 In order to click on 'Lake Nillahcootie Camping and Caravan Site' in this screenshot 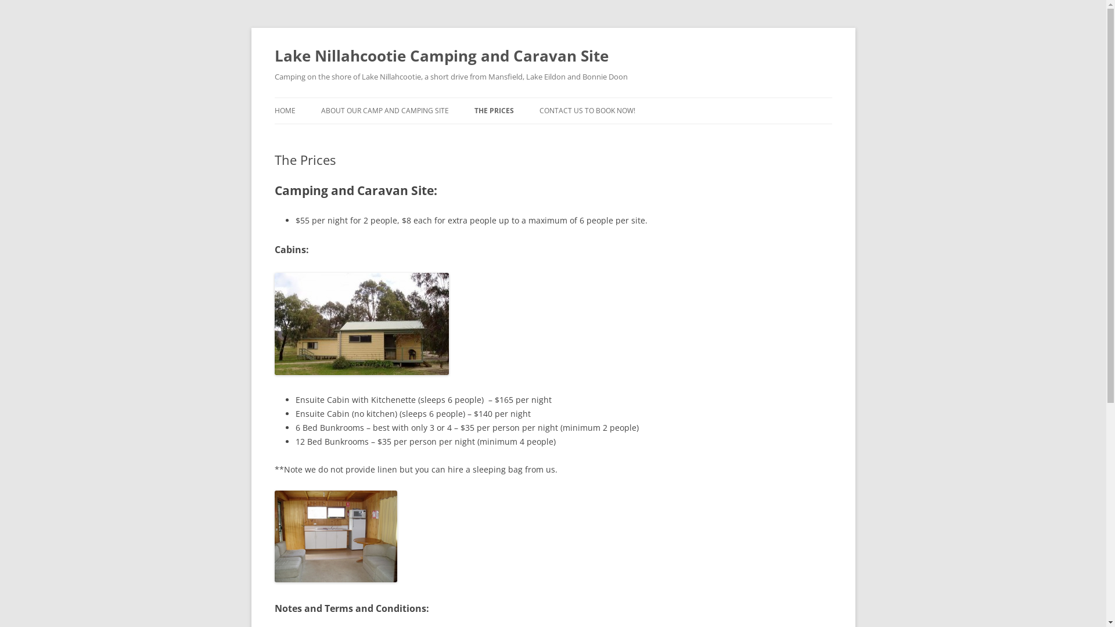, I will do `click(273, 56)`.